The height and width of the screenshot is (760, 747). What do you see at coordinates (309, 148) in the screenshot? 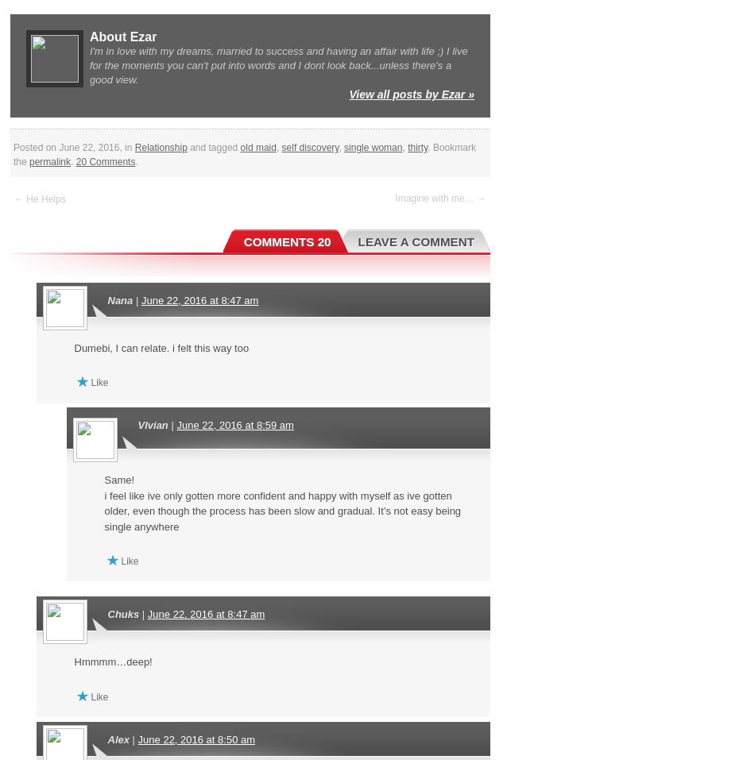
I see `'self discovery'` at bounding box center [309, 148].